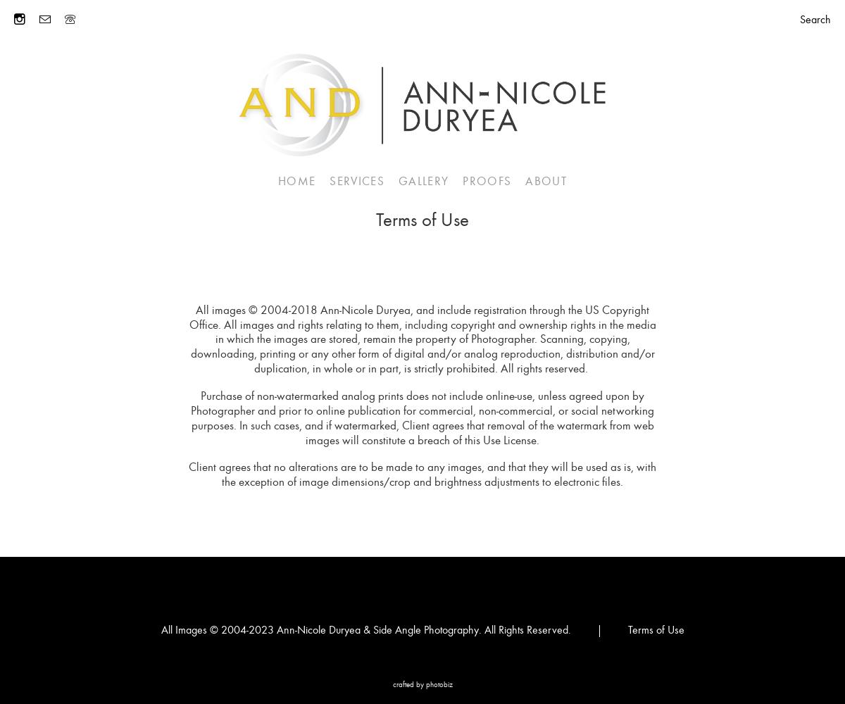 The width and height of the screenshot is (845, 704). I want to click on 'SERVICES', so click(356, 181).